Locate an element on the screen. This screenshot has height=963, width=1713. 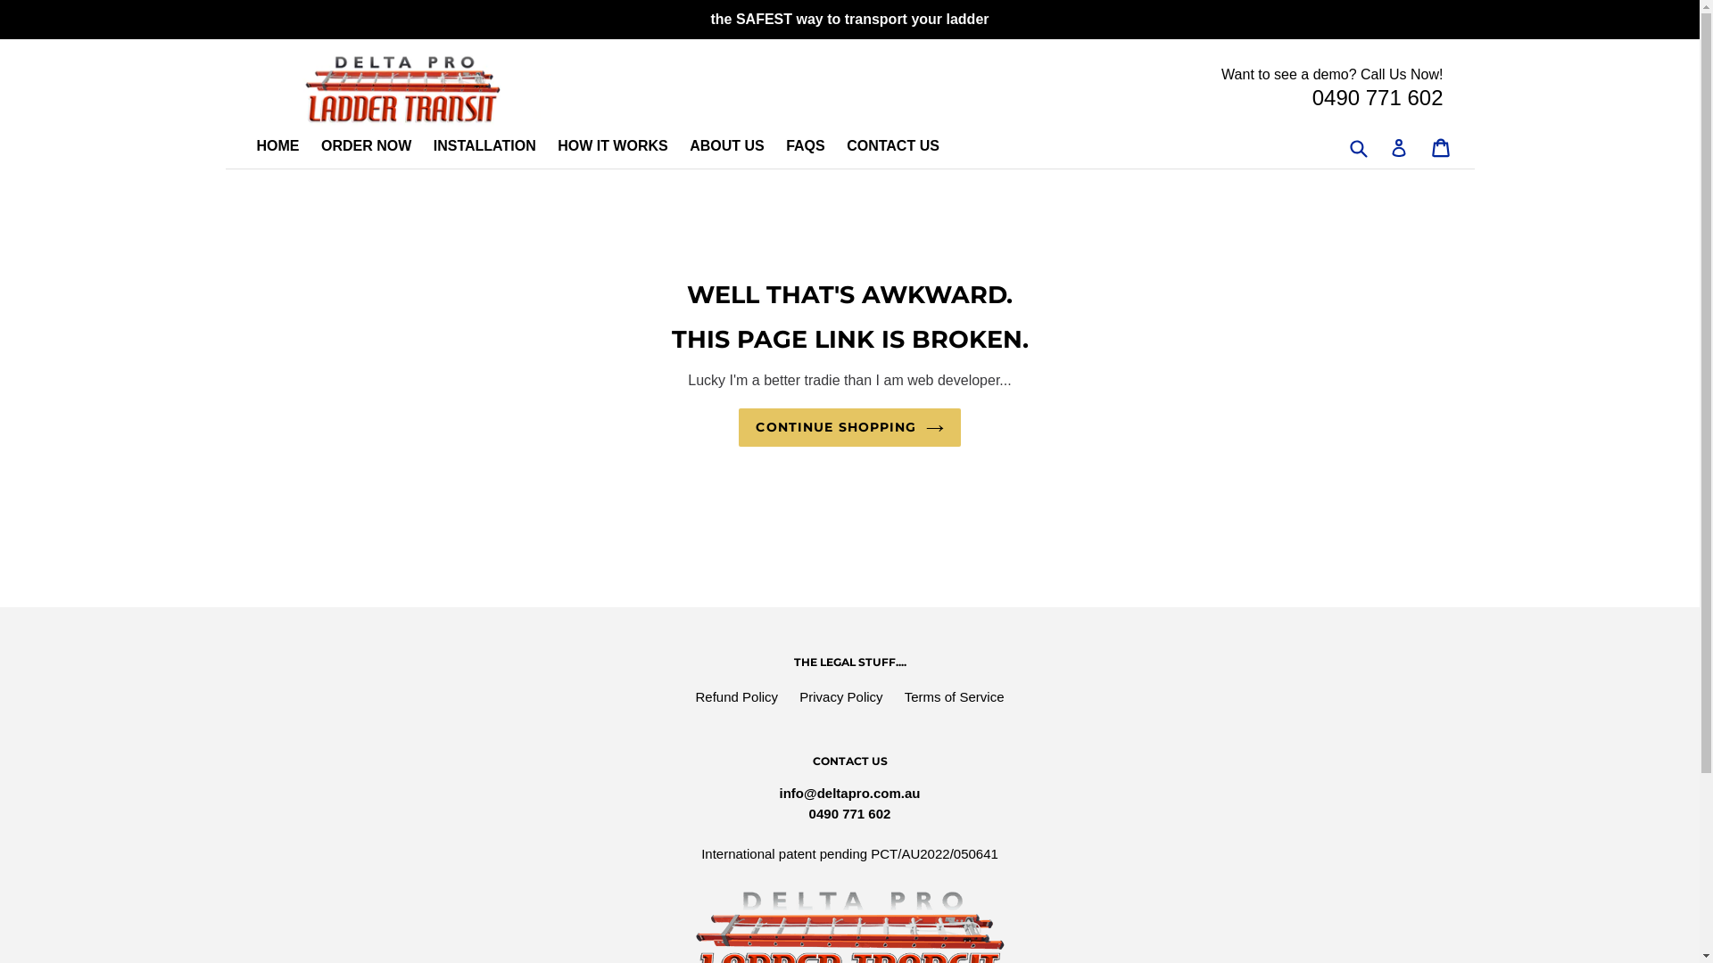
'ORDER NOW' is located at coordinates (321, 146).